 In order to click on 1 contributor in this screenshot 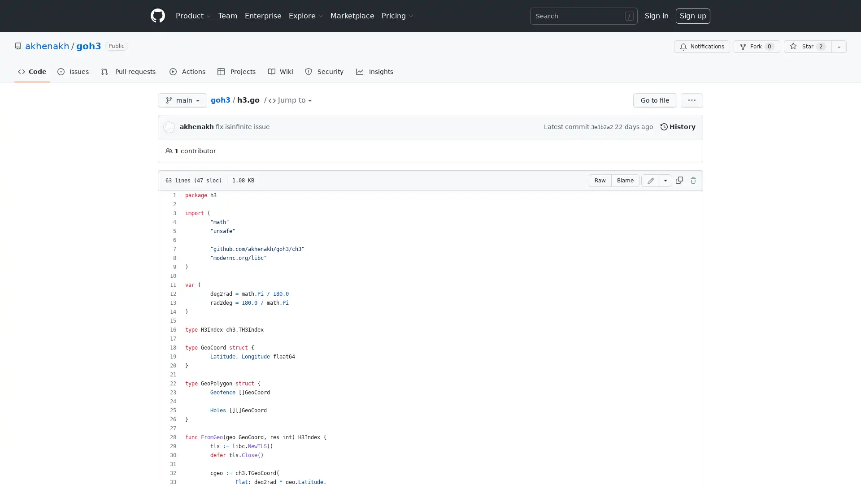, I will do `click(190, 151)`.